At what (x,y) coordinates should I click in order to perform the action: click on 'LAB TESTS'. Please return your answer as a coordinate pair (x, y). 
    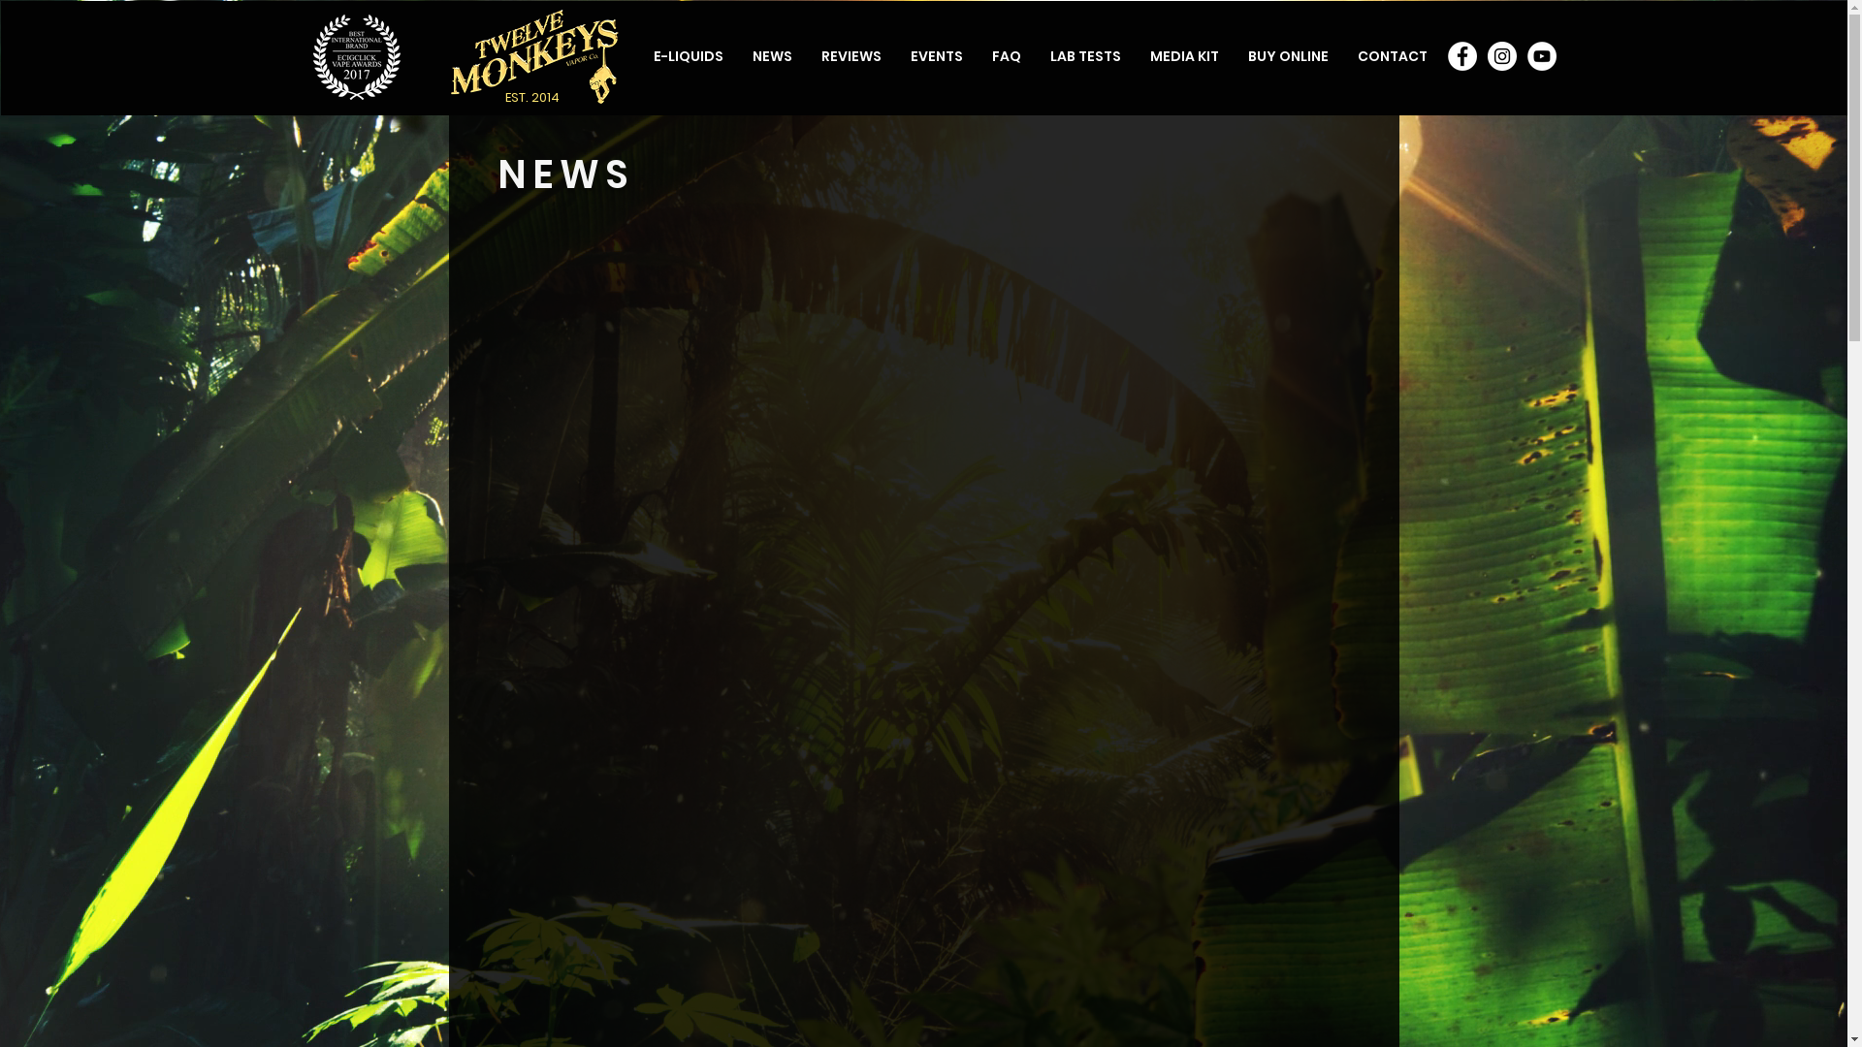
    Looking at the image, I should click on (1084, 54).